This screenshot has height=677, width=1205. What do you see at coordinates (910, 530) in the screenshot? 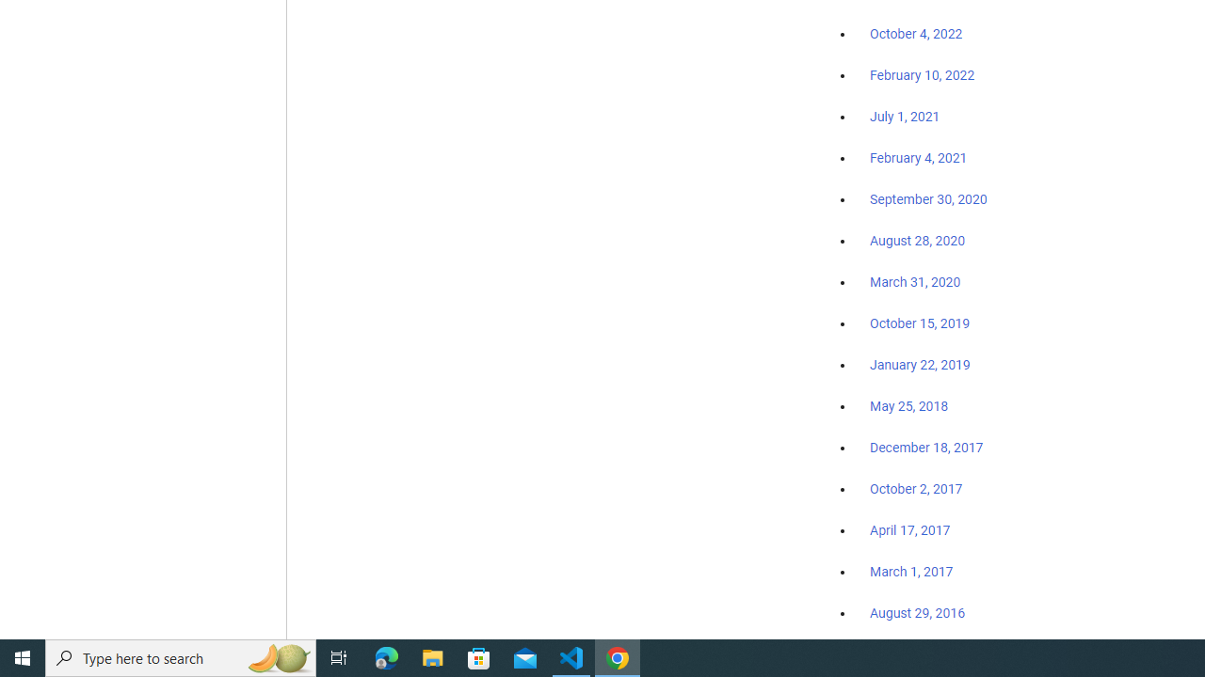
I see `'April 17, 2017'` at bounding box center [910, 530].